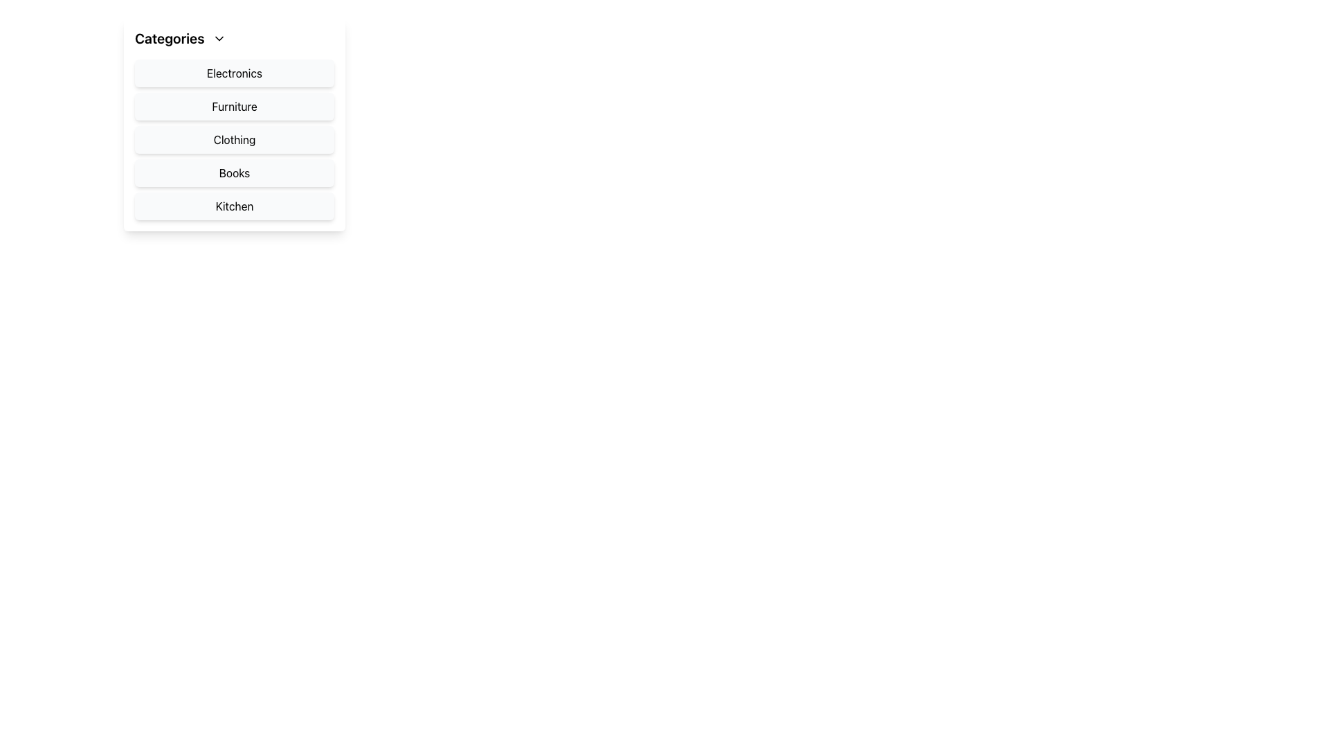 This screenshot has width=1329, height=748. I want to click on the 'Furniture' button-like clickable list item, which is the second item in a vertical list of options and has a light gray background that changes to blue upon interaction, so click(235, 106).